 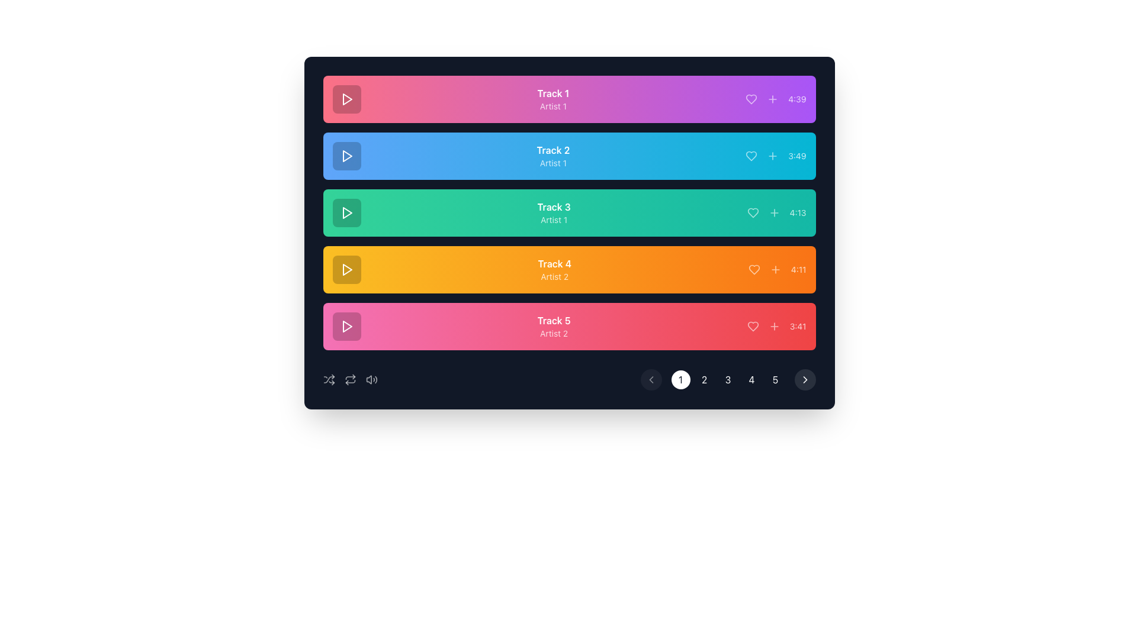 I want to click on the triangular play icon located inside the pink button at the left end of the 'Track 1' row in the playlist, so click(x=346, y=99).